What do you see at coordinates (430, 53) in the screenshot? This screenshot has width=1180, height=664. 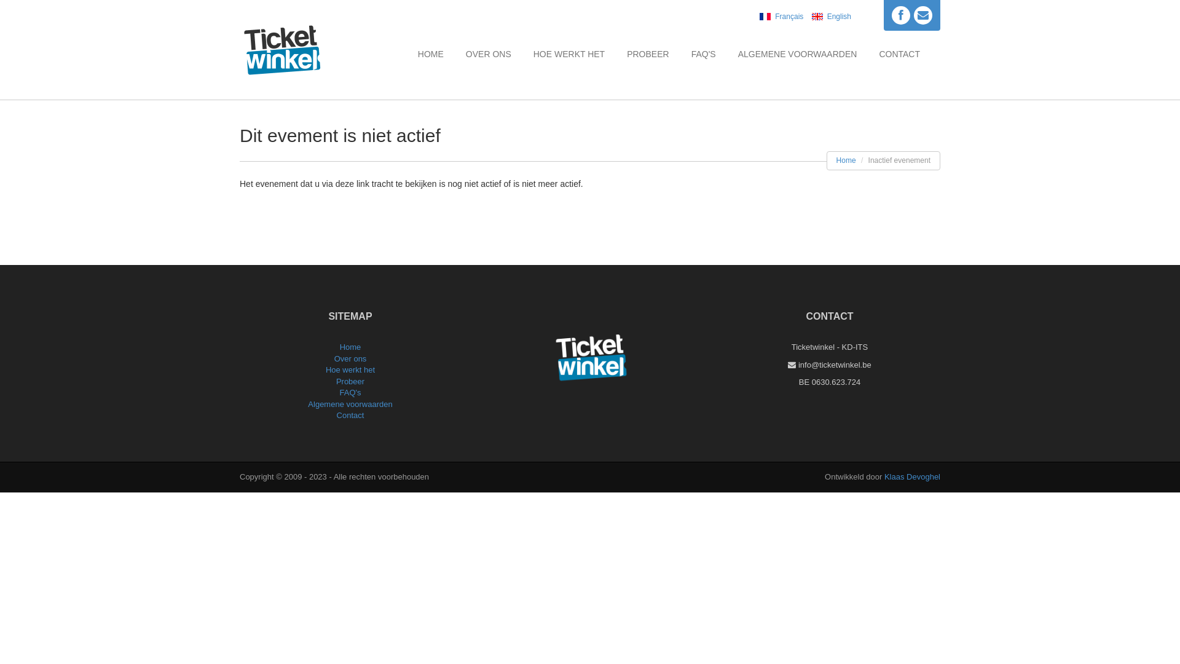 I see `'HOME'` at bounding box center [430, 53].